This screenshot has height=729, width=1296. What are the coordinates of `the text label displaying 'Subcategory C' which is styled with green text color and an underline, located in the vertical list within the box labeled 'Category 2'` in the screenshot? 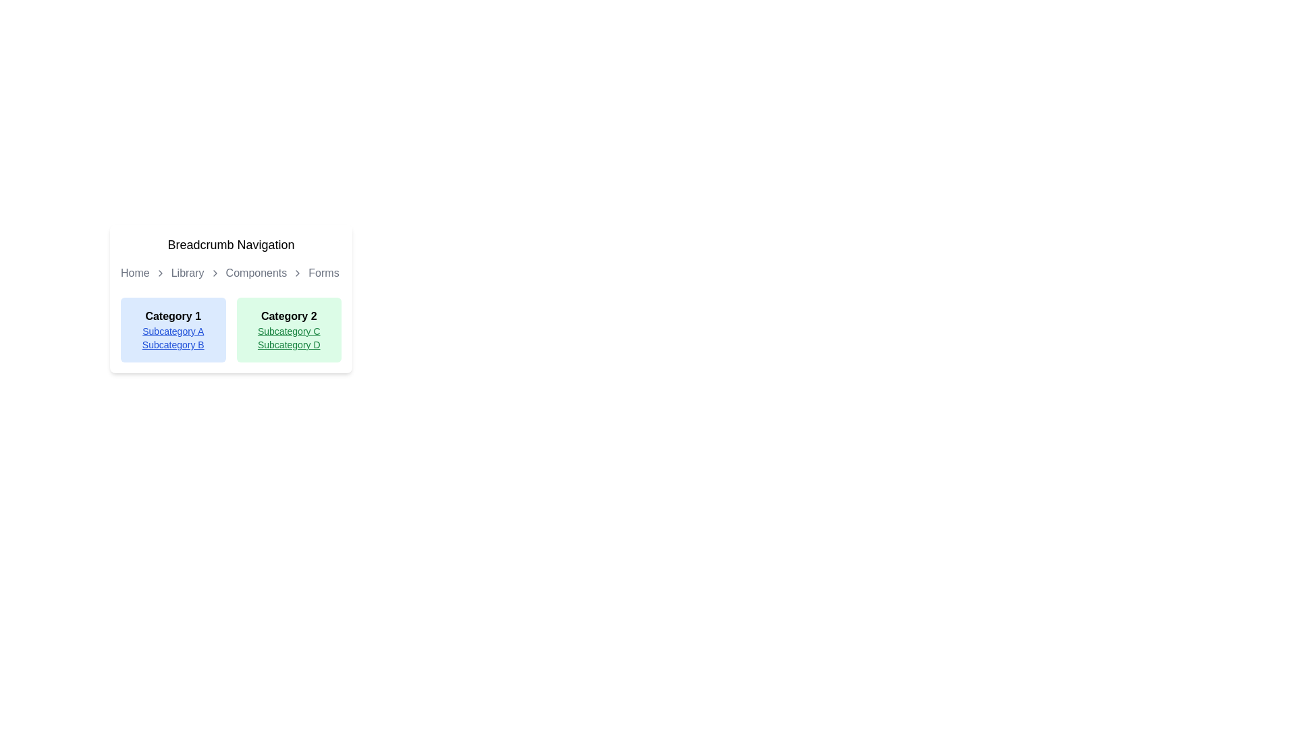 It's located at (288, 331).